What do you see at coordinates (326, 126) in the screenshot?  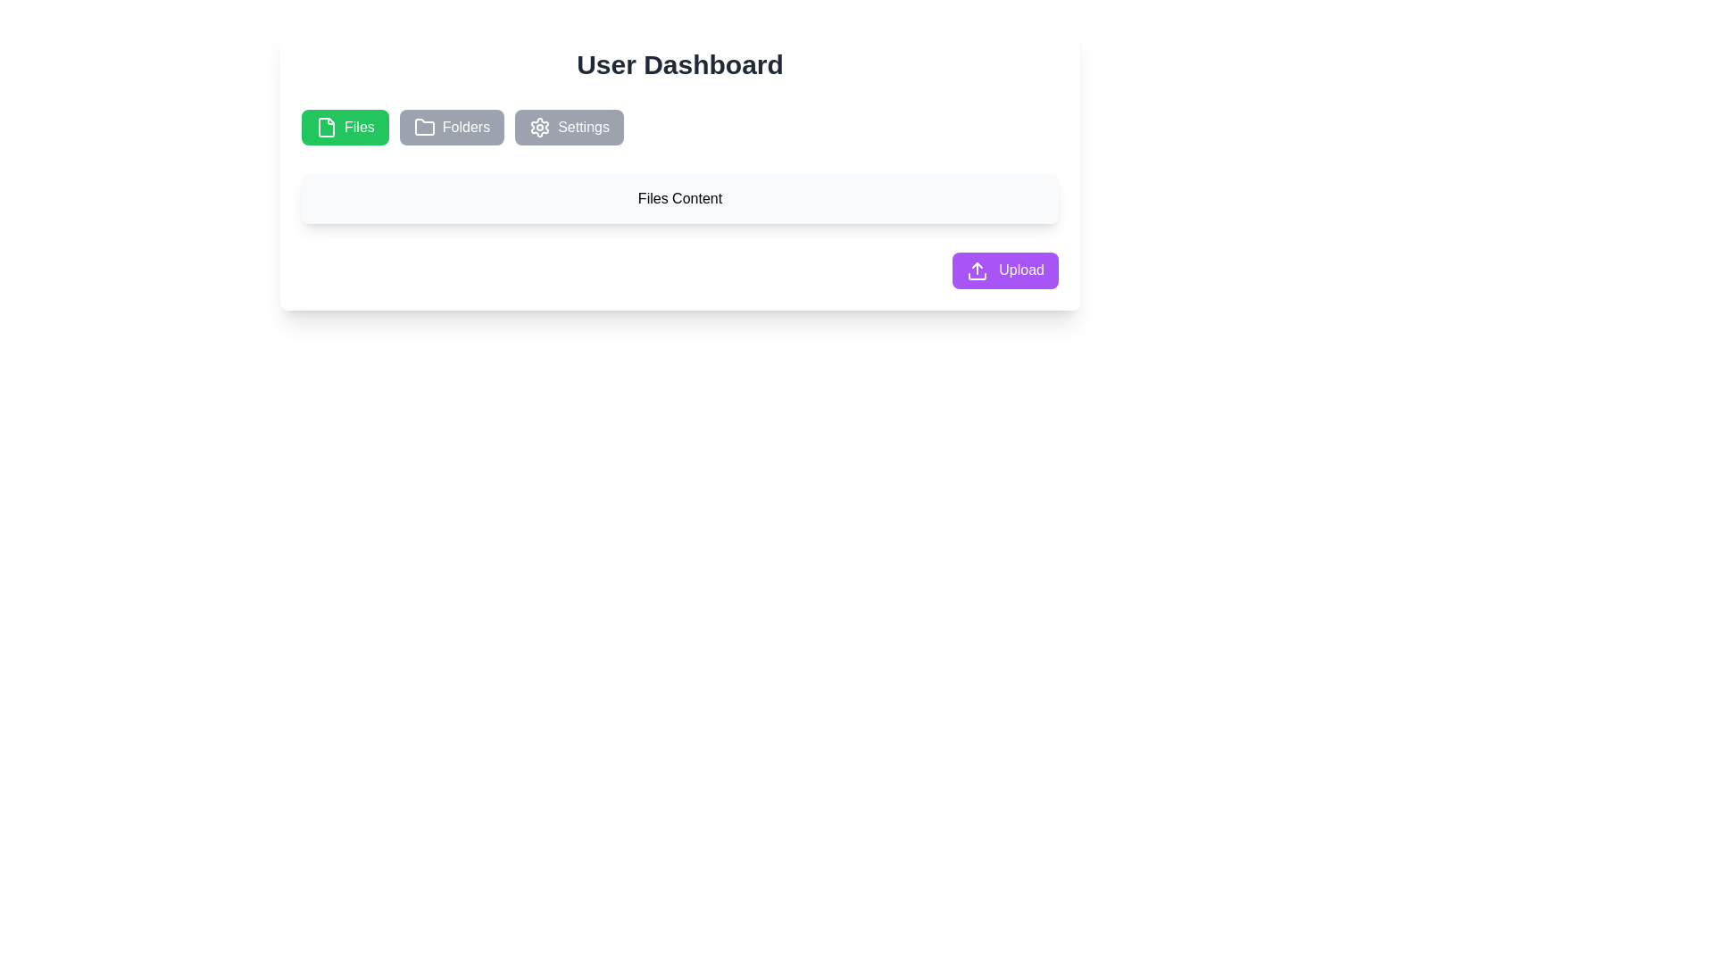 I see `the 'Files' button which contains a green document icon with a folded corner, located at the top-left area of the User Dashboard interface` at bounding box center [326, 126].